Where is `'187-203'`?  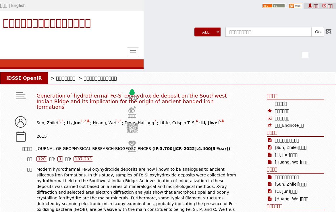
'187-203' is located at coordinates (83, 159).